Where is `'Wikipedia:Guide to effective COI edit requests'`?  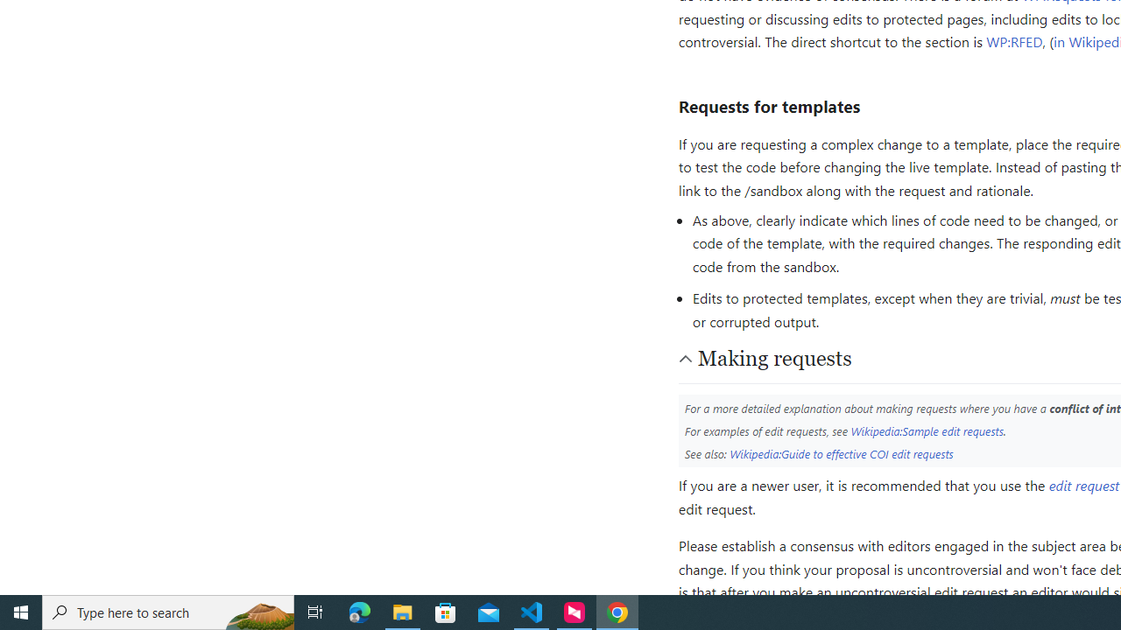 'Wikipedia:Guide to effective COI edit requests' is located at coordinates (842, 452).